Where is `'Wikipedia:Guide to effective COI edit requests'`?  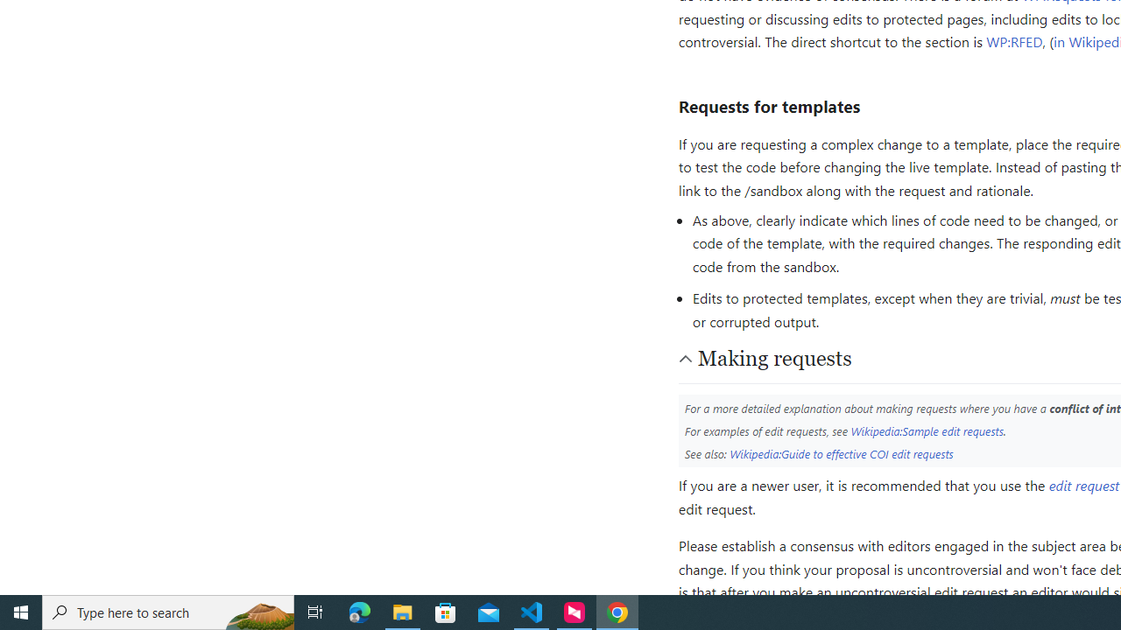 'Wikipedia:Guide to effective COI edit requests' is located at coordinates (842, 452).